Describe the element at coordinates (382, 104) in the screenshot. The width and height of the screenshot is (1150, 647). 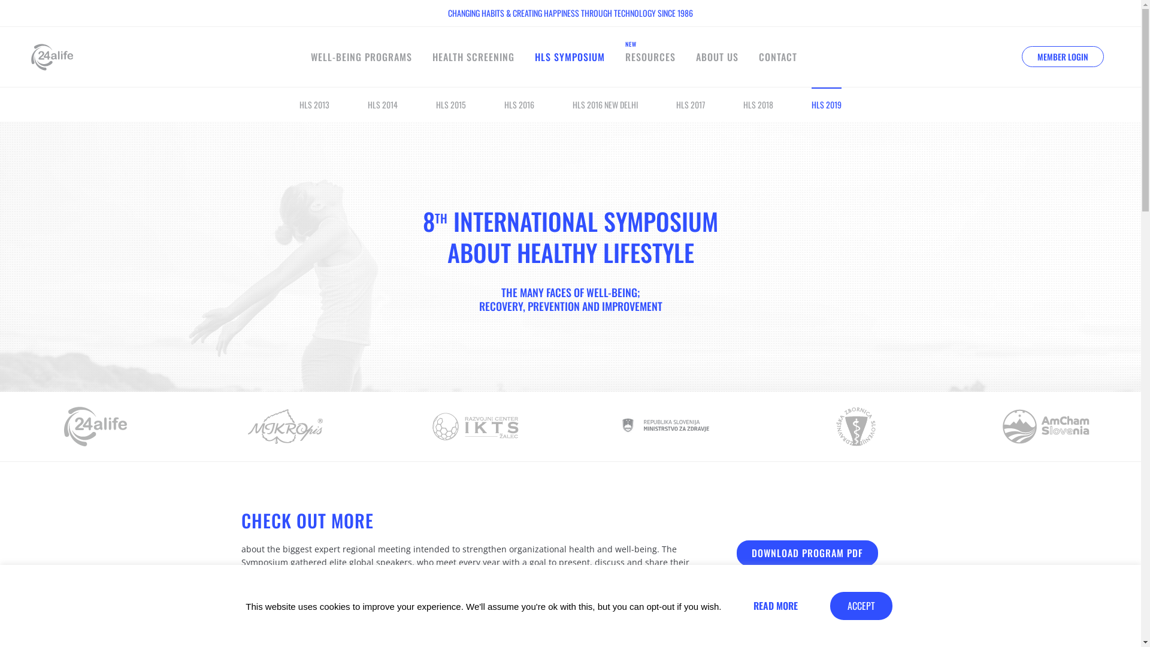
I see `'HLS 2014'` at that location.